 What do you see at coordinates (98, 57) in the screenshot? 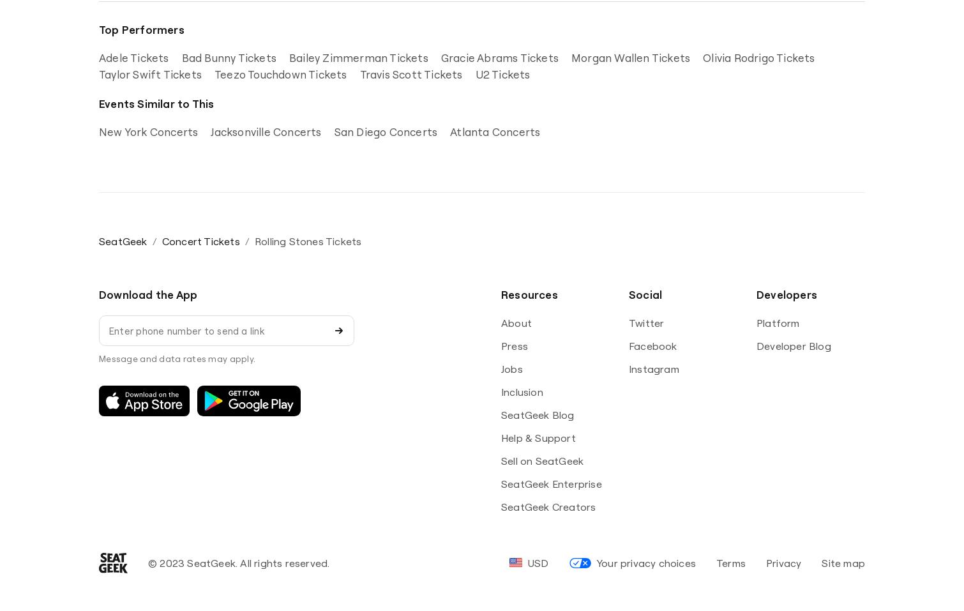
I see `'Adele Tickets'` at bounding box center [98, 57].